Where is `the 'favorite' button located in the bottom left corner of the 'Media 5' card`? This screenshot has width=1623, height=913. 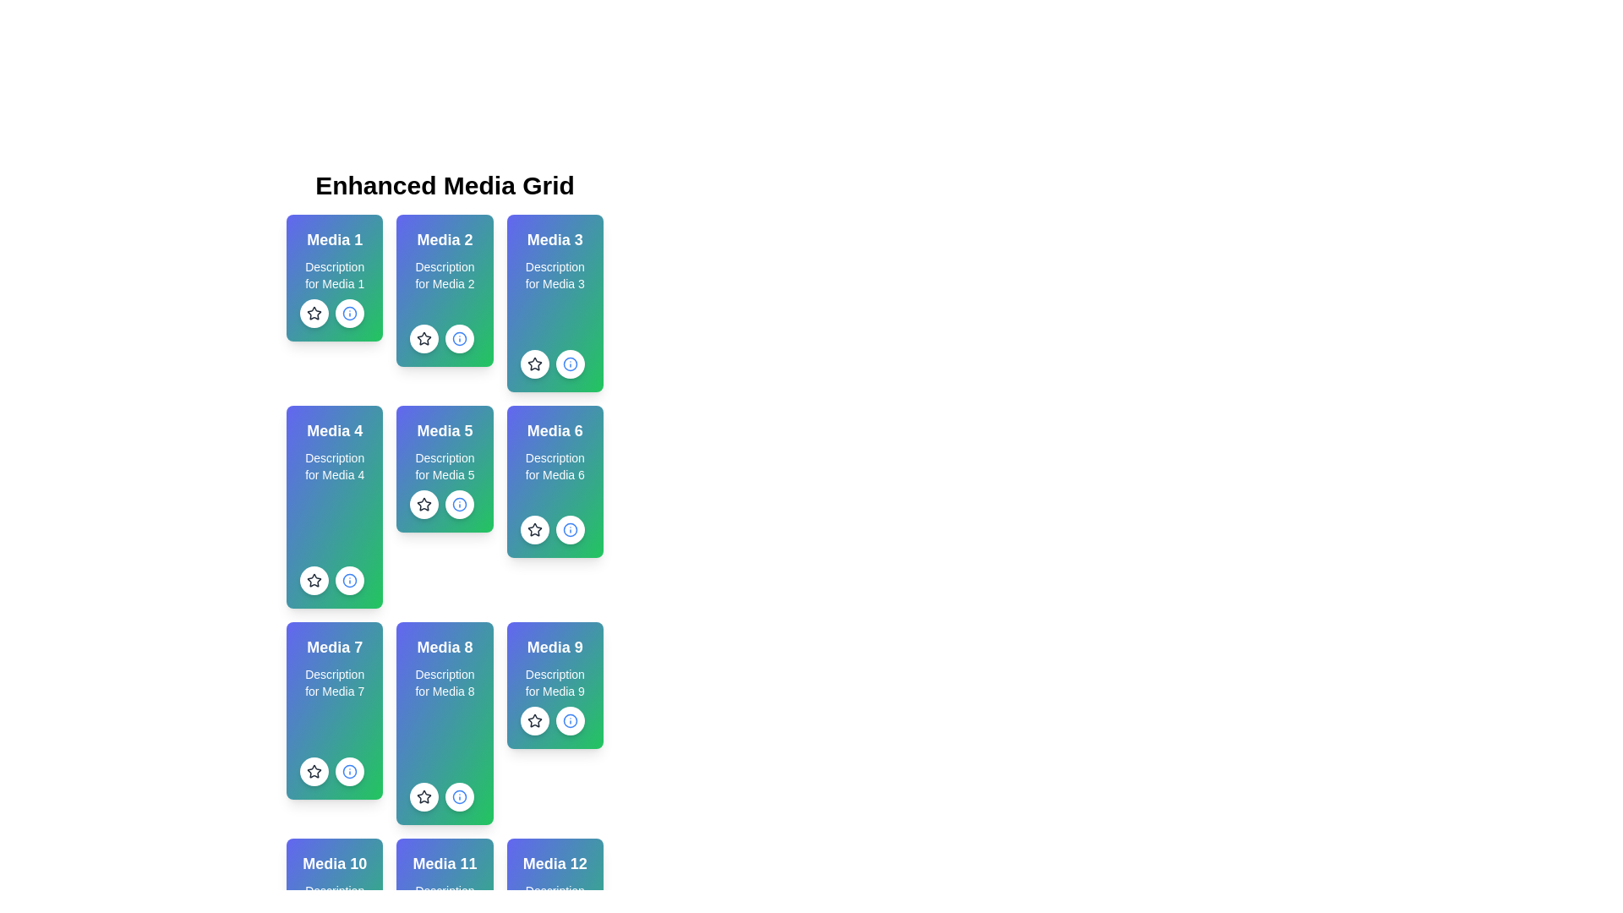 the 'favorite' button located in the bottom left corner of the 'Media 5' card is located at coordinates (424, 504).